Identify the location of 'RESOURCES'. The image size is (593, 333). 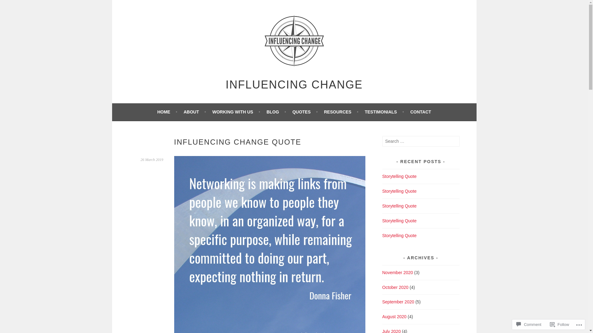
(341, 112).